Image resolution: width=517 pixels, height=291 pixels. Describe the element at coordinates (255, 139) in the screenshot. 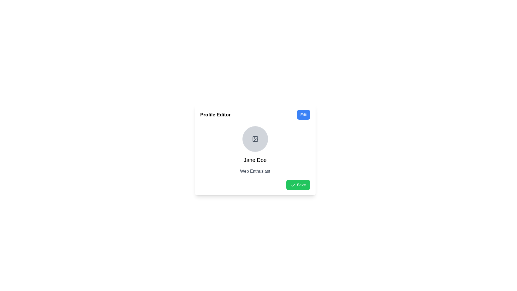

I see `the user profile image placeholder icon` at that location.